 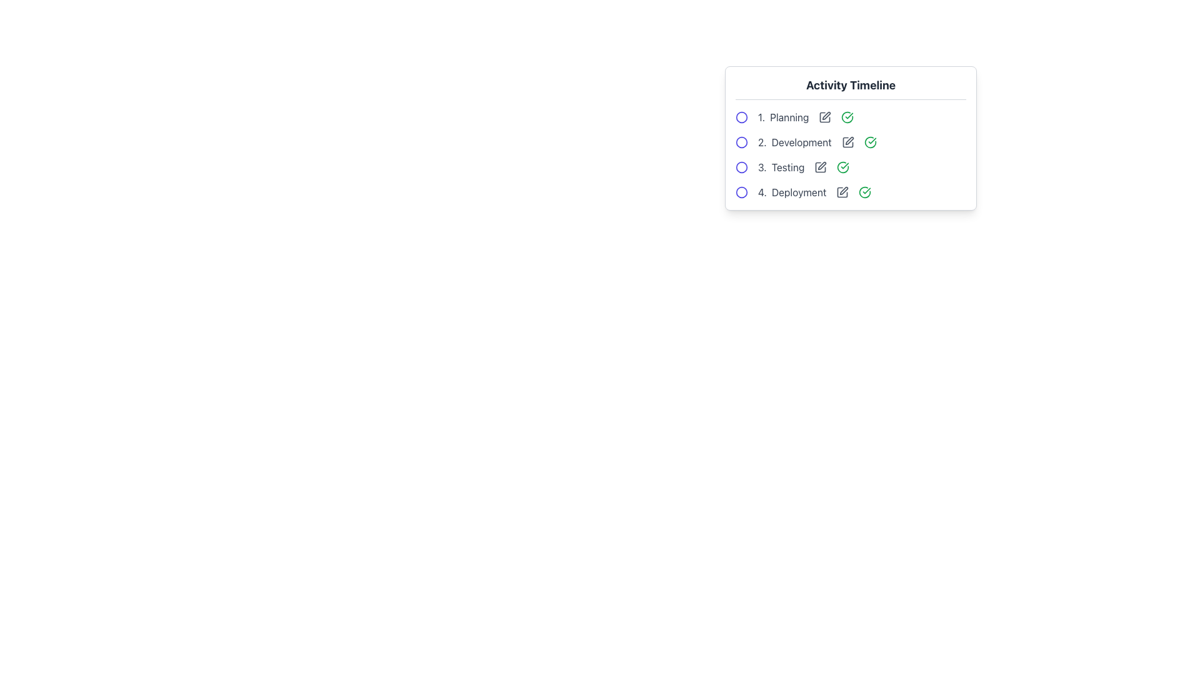 What do you see at coordinates (850, 166) in the screenshot?
I see `the Composite UI element labeled '3.Testing' which includes a circular radio button and two icons (pencil and checkmark) for additional actions or visual feedback` at bounding box center [850, 166].